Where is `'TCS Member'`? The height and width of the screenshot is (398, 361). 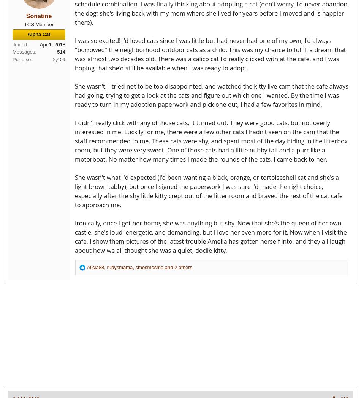 'TCS Member' is located at coordinates (39, 24).